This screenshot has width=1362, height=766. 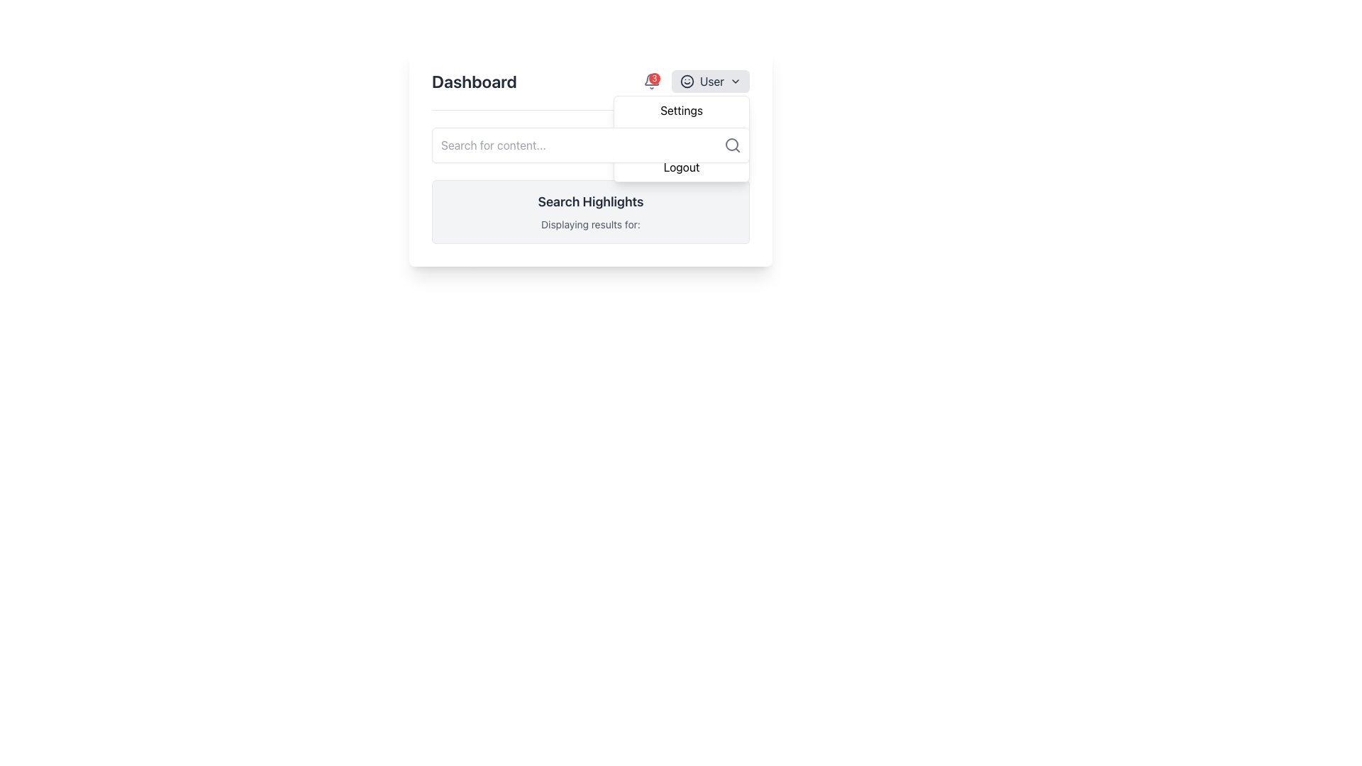 I want to click on the downward-pointing chevron icon next to the 'User' label to indicate focus or display a tooltip, so click(x=735, y=82).